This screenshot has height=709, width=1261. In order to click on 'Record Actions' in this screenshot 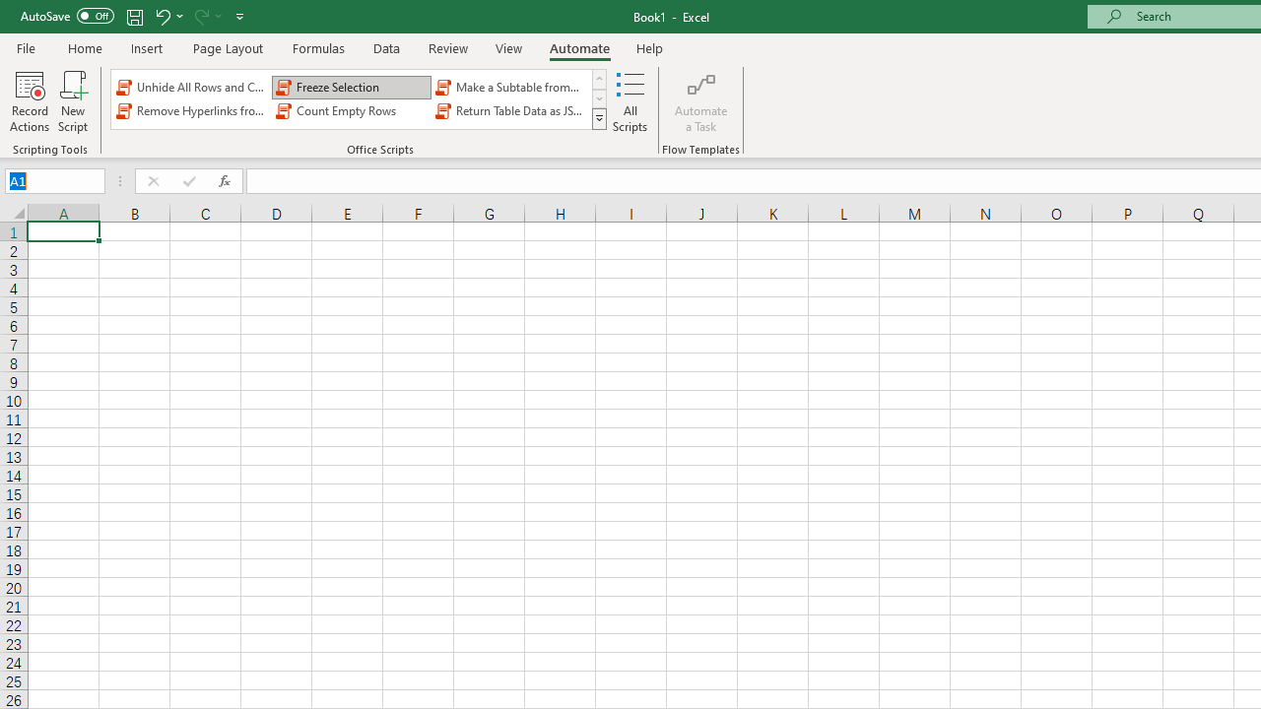, I will do `click(30, 101)`.